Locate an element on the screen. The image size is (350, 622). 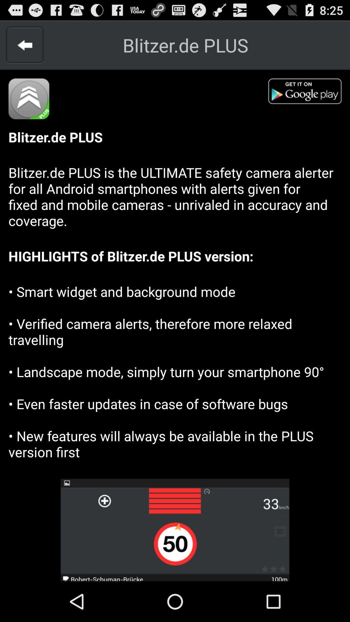
a back arrow to go back to the previous page is located at coordinates (24, 45).